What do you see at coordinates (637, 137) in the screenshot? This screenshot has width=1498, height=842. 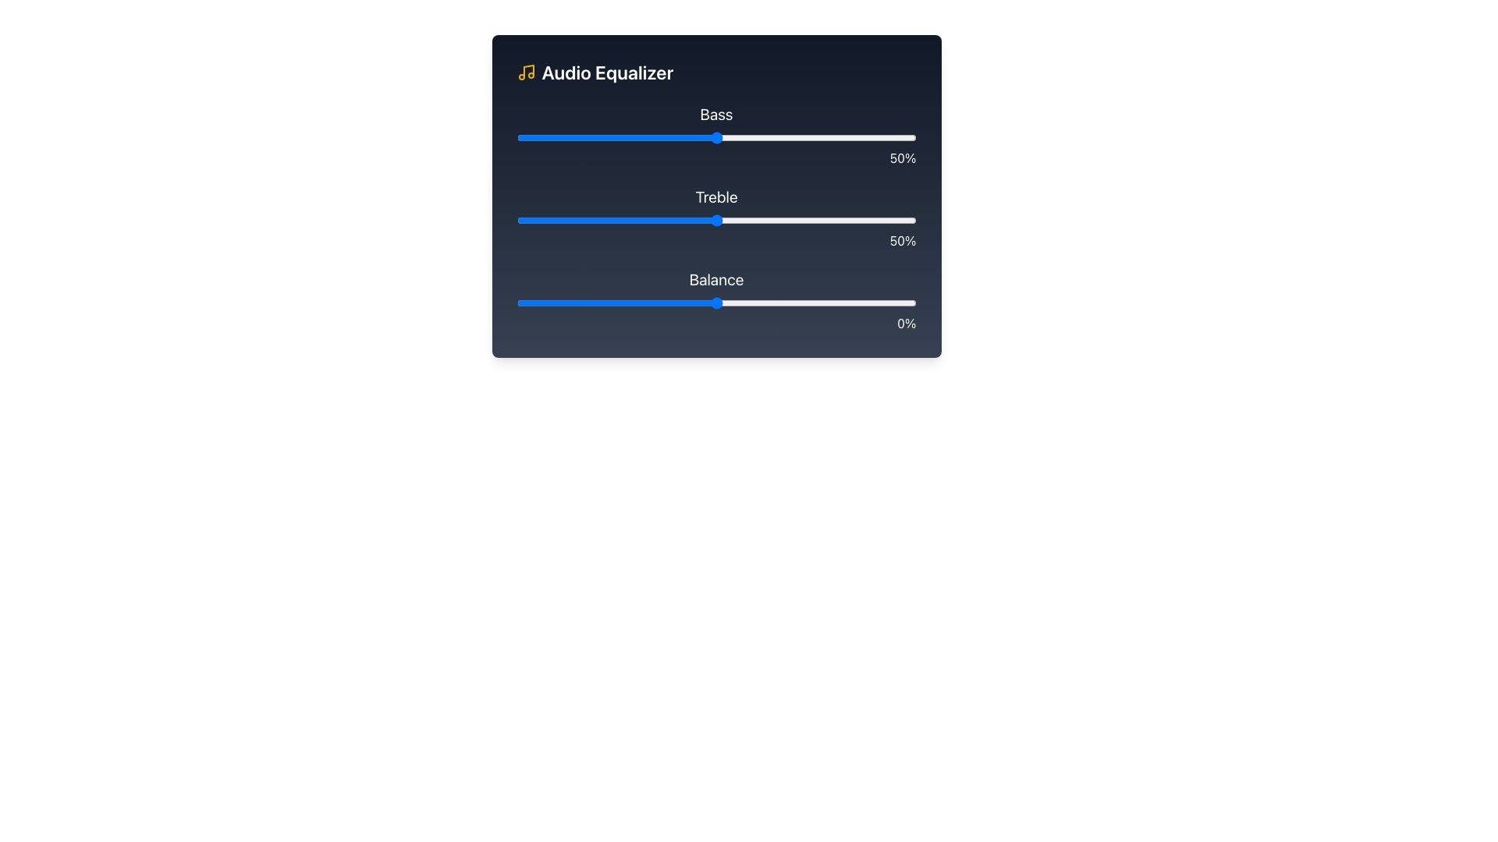 I see `the bass level` at bounding box center [637, 137].